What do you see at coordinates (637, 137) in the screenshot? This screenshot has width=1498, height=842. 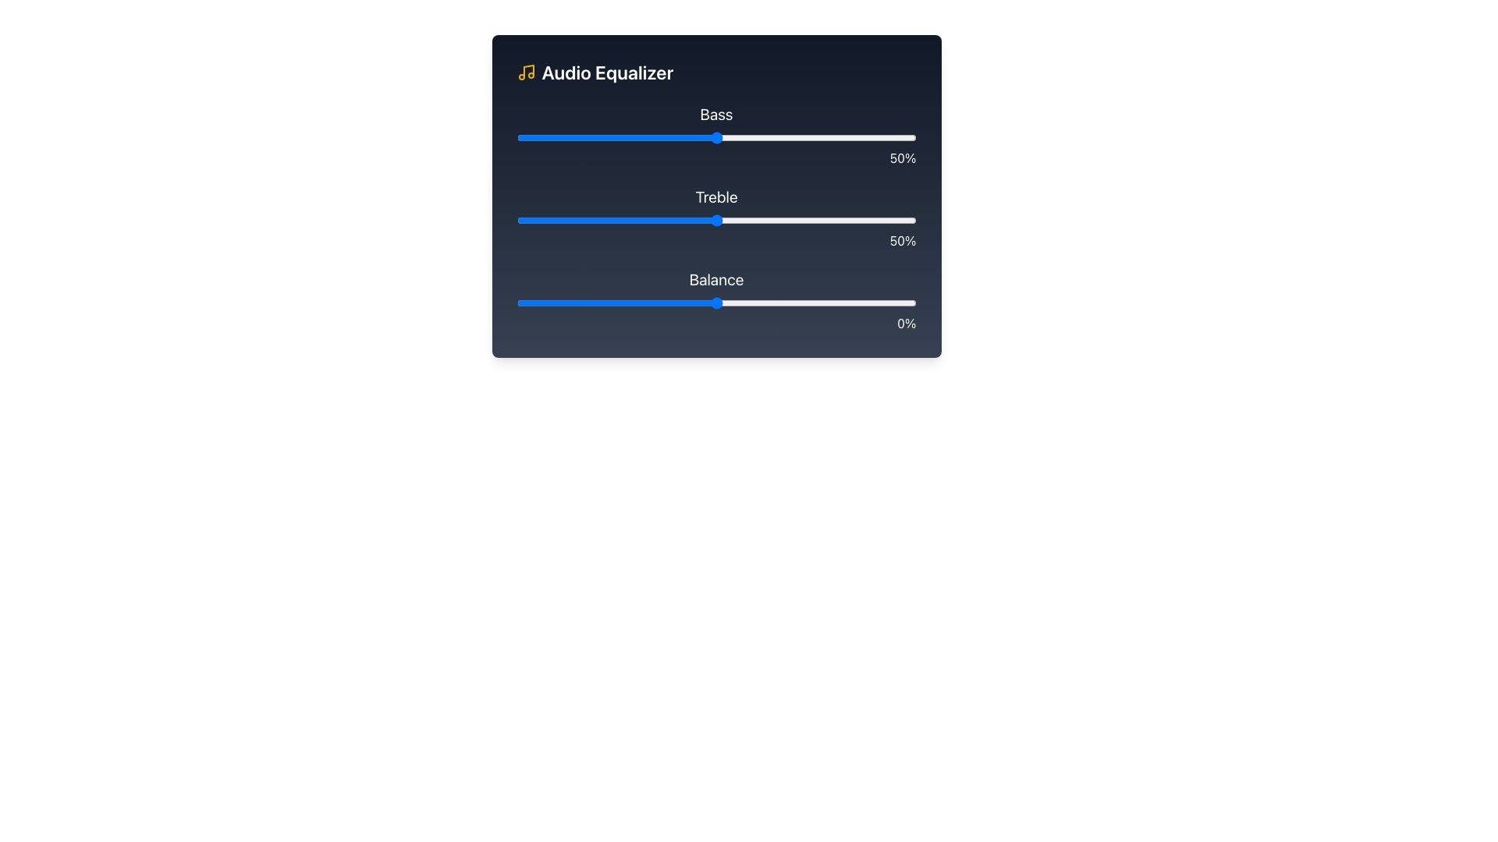 I see `the bass level` at bounding box center [637, 137].